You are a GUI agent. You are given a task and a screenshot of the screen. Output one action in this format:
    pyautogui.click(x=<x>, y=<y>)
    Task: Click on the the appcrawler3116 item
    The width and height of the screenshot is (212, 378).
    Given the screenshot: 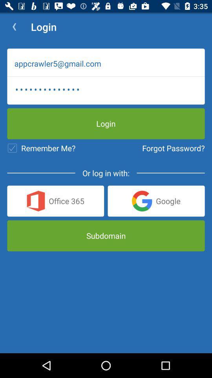 What is the action you would take?
    pyautogui.click(x=106, y=89)
    